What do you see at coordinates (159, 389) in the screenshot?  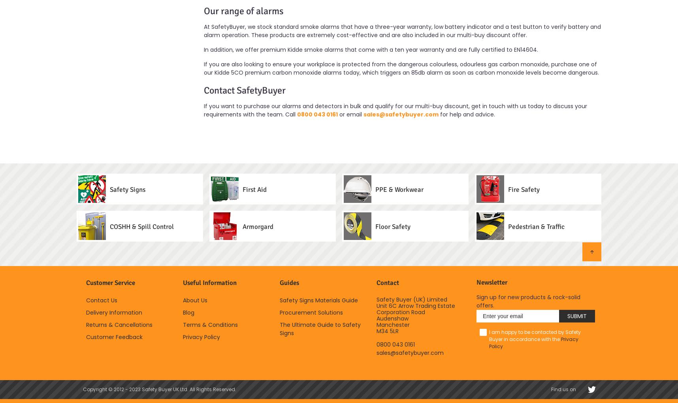 I see `'Copyright © 2012 - 2023 Safety Buyer UK Ltd. All Rights Reserved.'` at bounding box center [159, 389].